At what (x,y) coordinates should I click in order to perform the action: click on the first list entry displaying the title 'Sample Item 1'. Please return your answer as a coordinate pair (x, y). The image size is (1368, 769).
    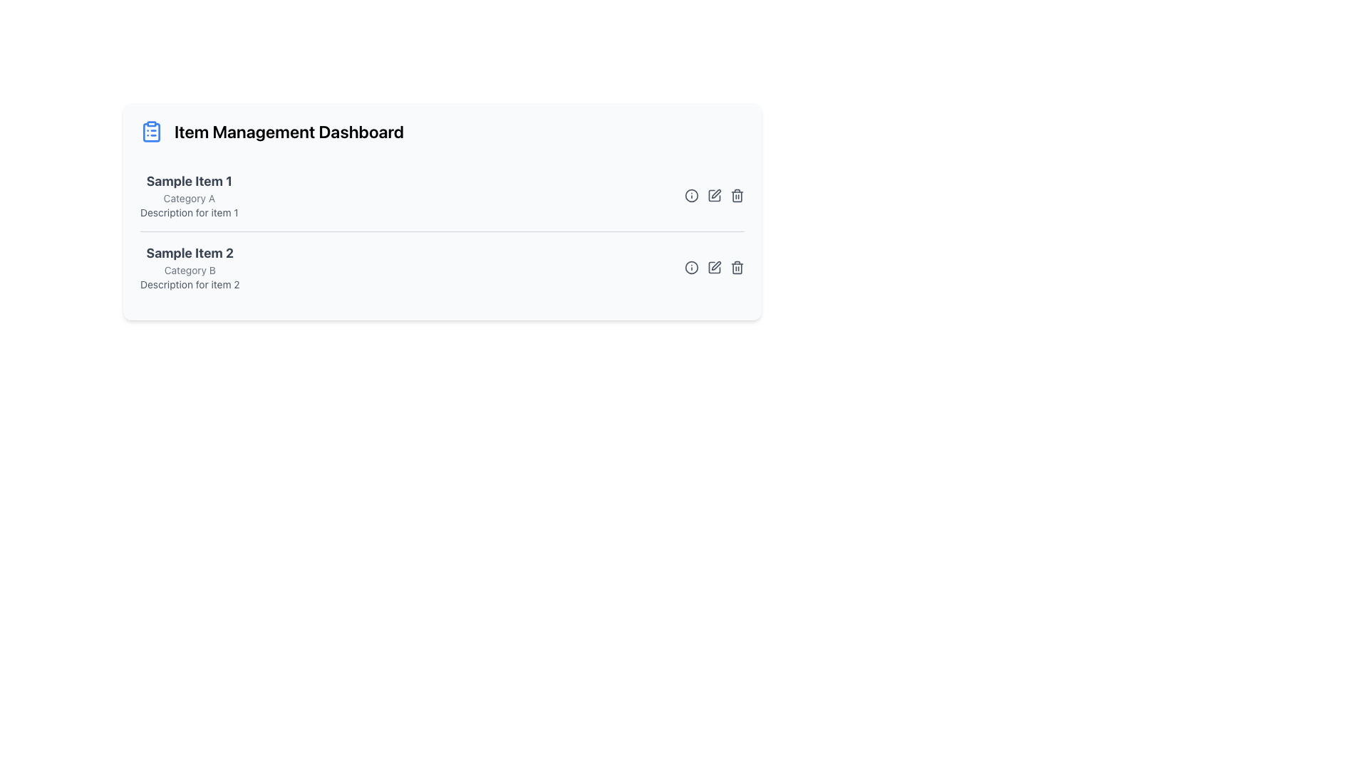
    Looking at the image, I should click on (441, 195).